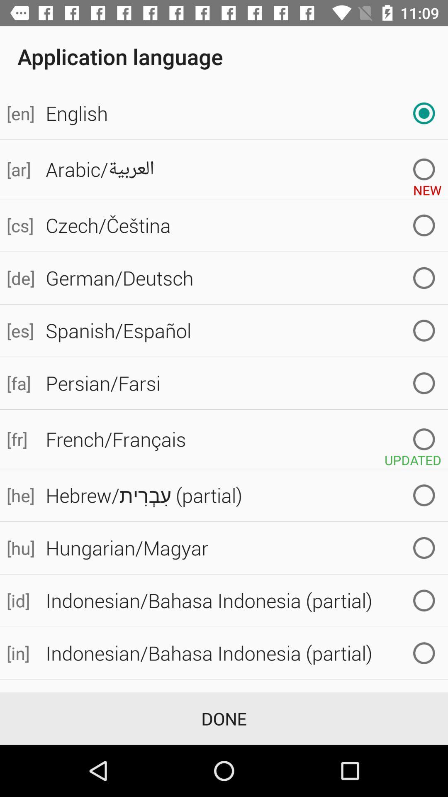 The width and height of the screenshot is (448, 797). What do you see at coordinates (224, 718) in the screenshot?
I see `the done item` at bounding box center [224, 718].